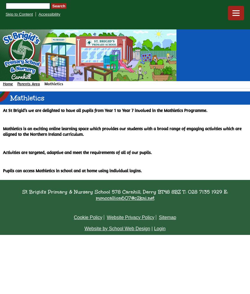  Describe the element at coordinates (105, 110) in the screenshot. I see `'At St Brigid’s we are delighted to have all pupils from Year 1 to Year 7 involved in the Mathletics Programme.'` at that location.